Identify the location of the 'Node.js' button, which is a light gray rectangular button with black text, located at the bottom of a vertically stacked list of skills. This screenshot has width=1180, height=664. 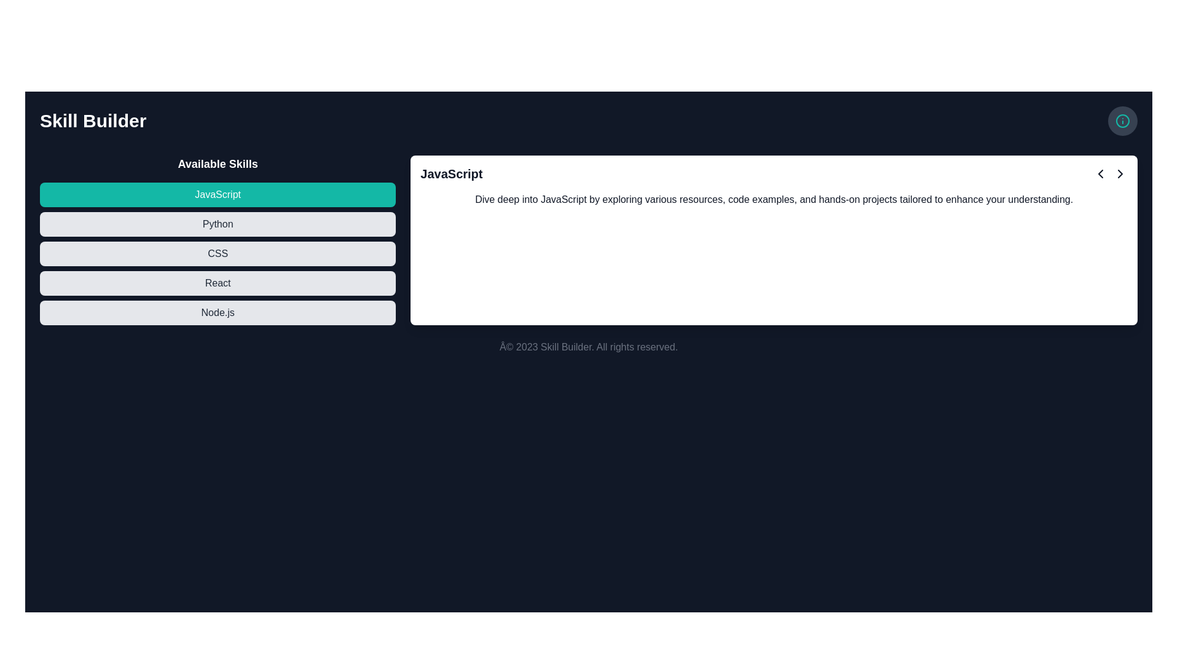
(218, 312).